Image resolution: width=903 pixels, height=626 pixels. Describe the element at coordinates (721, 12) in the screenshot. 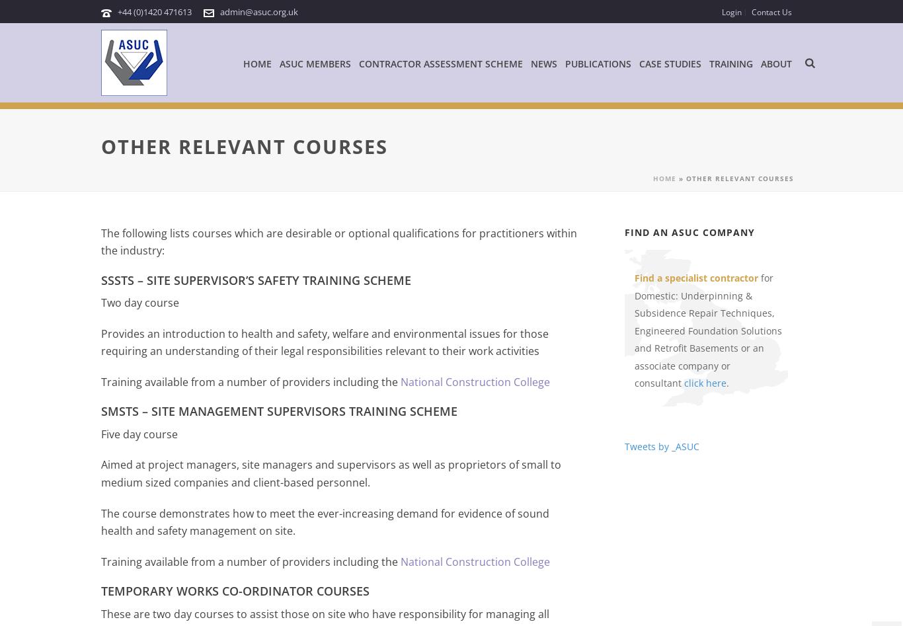

I see `'Login'` at that location.